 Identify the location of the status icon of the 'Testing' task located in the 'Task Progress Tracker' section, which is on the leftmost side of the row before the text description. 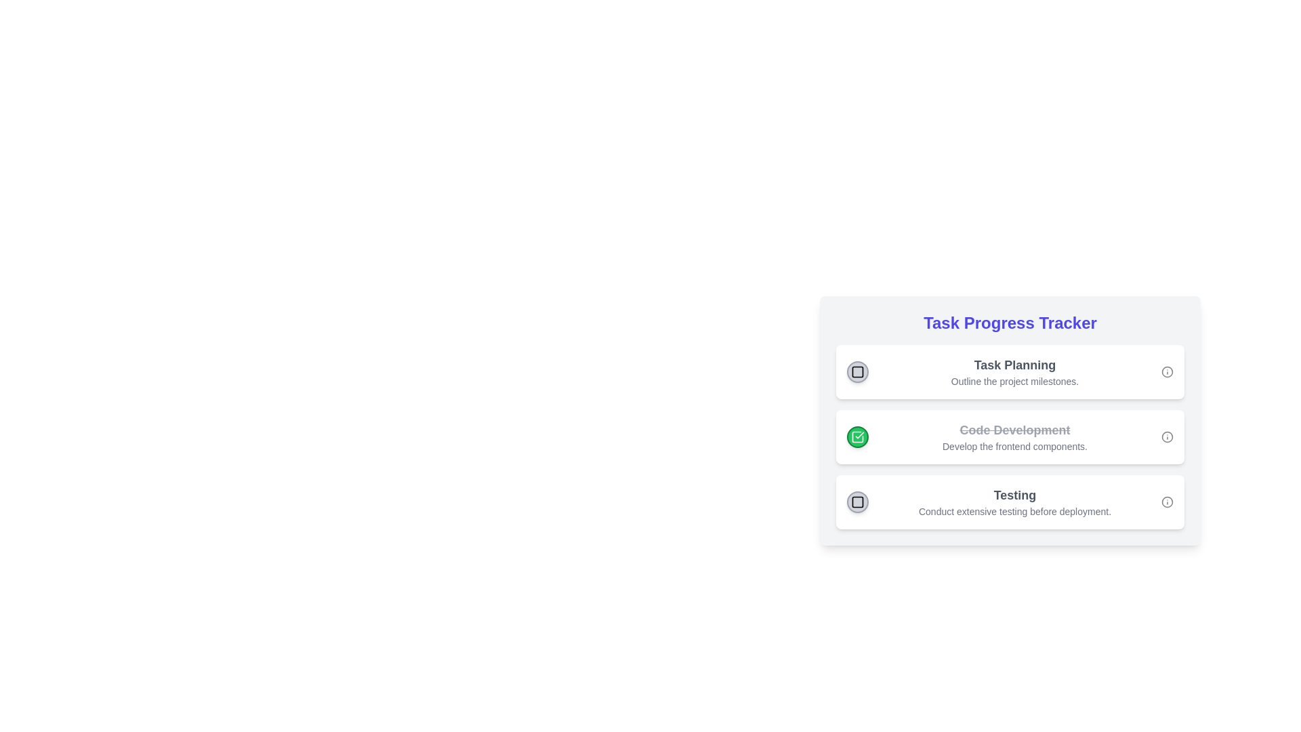
(857, 502).